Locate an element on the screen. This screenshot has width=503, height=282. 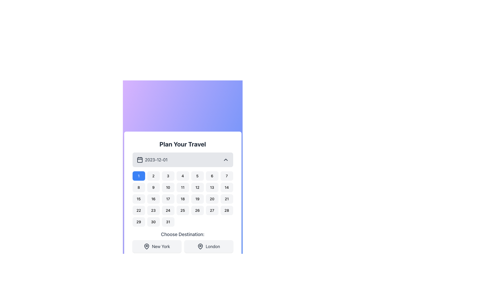
the non-interactive display component that shows the date '2023-12-01' alongside a calendar icon, located below the heading 'Plan Your Travel' is located at coordinates (152, 160).